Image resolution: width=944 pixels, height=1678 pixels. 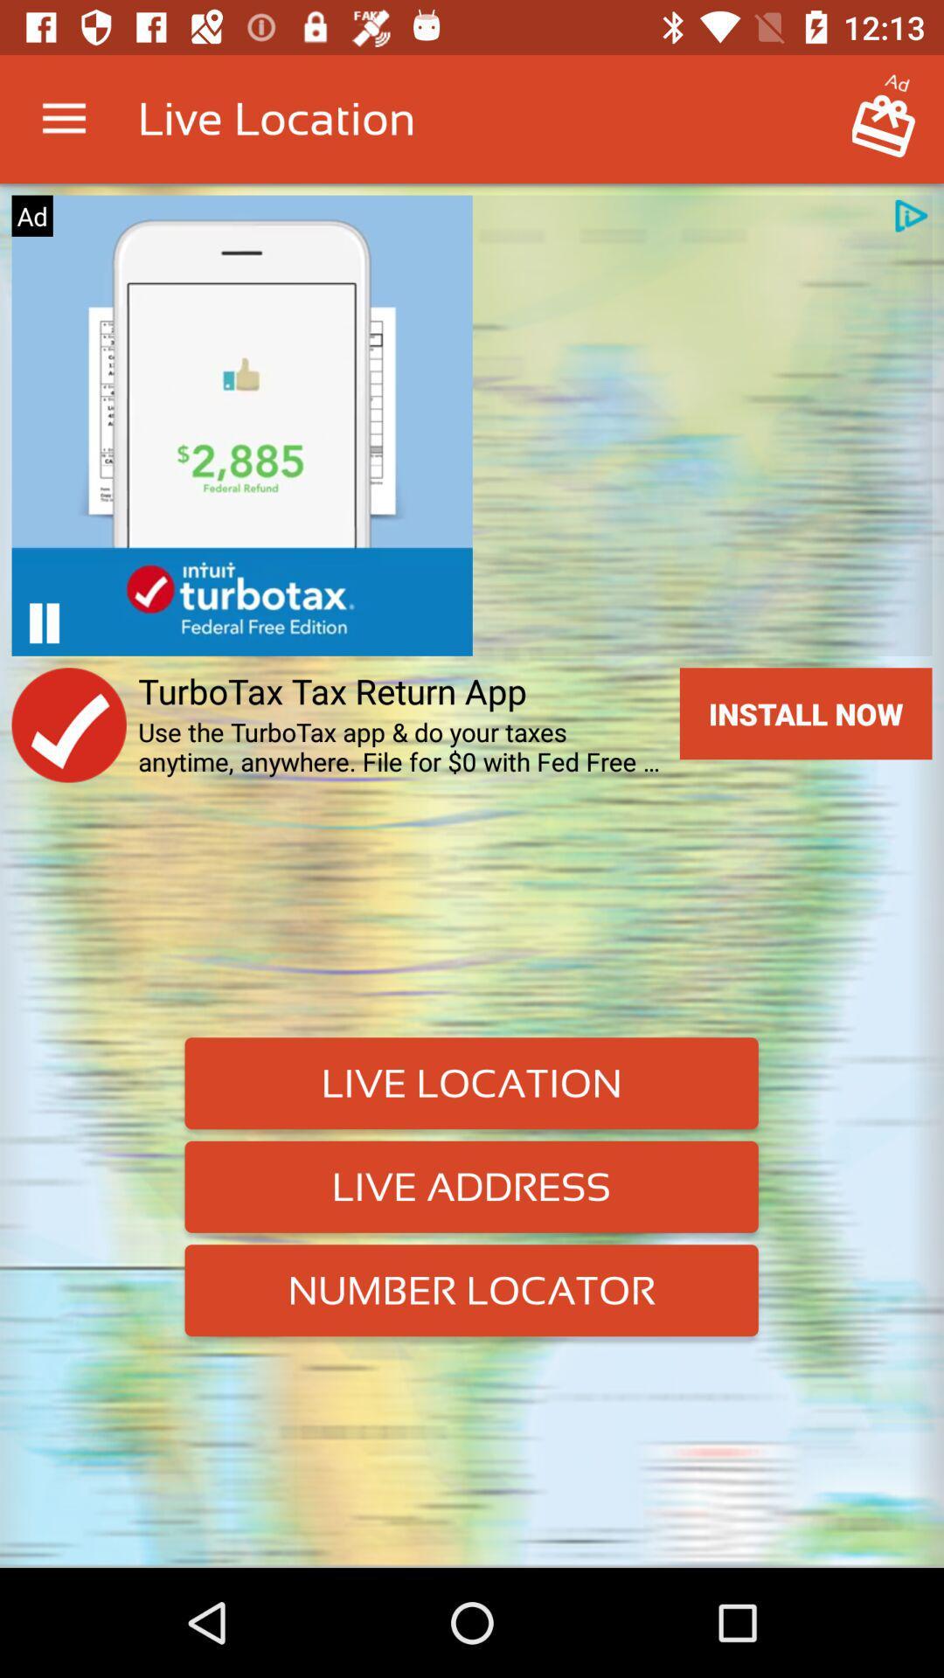 What do you see at coordinates (43, 623) in the screenshot?
I see `advertisement page` at bounding box center [43, 623].